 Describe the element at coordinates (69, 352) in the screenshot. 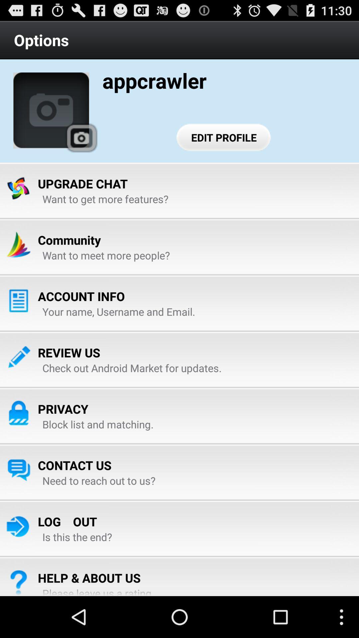

I see `item below the your name username app` at that location.